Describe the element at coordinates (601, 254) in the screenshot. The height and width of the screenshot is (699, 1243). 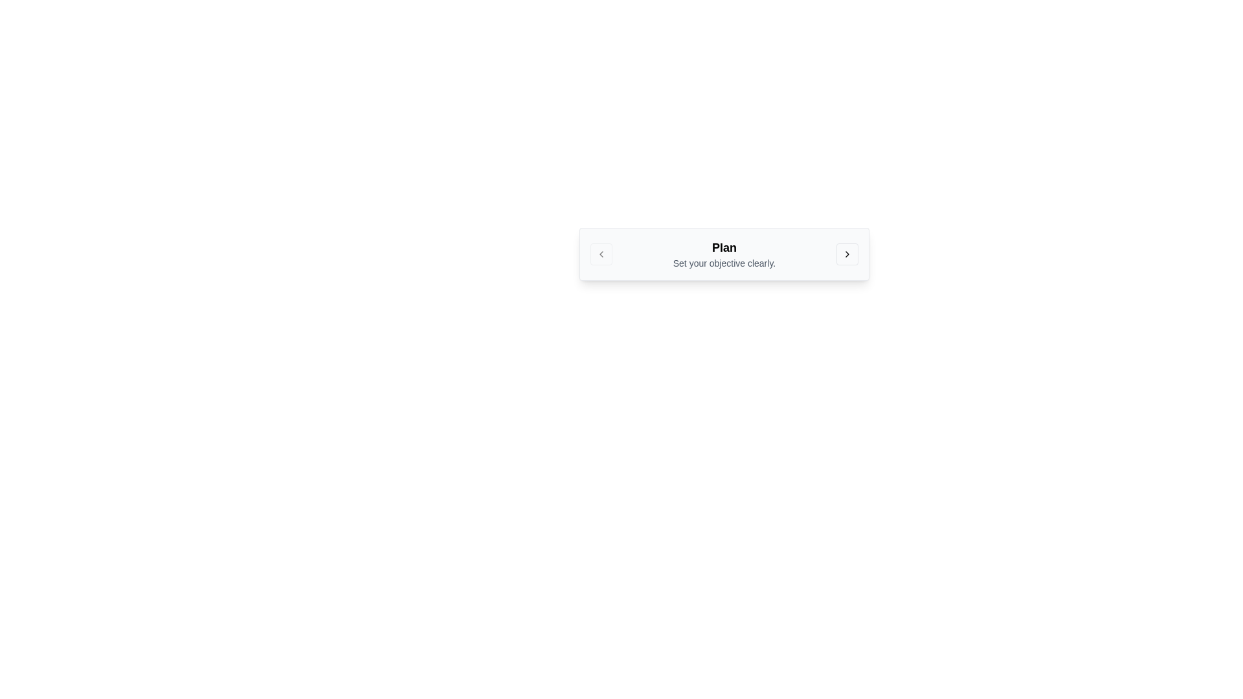
I see `the decorative back button icon located to the far left of the 'Plan' panel` at that location.